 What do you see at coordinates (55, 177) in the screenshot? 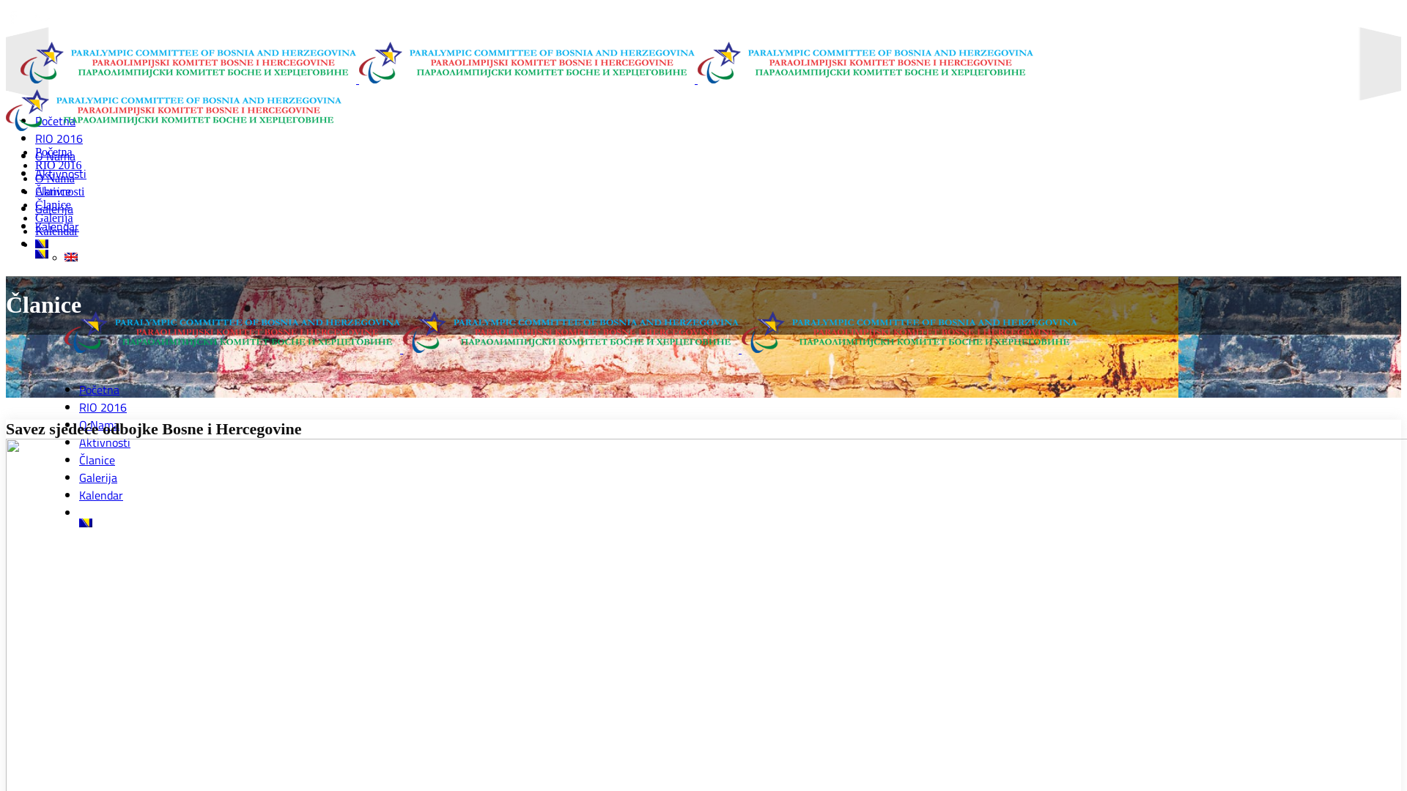
I see `'O Nama'` at bounding box center [55, 177].